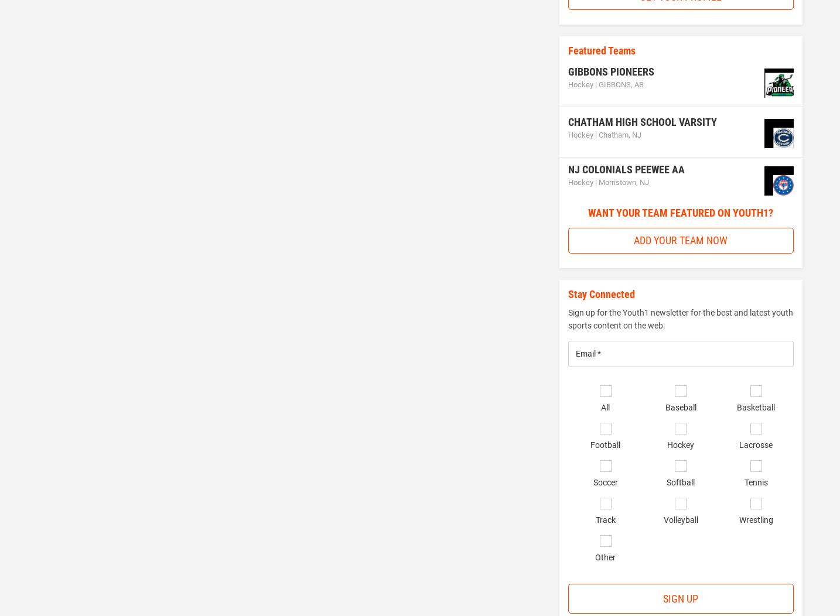 This screenshot has height=616, width=840. What do you see at coordinates (610, 71) in the screenshot?
I see `'Gibbons Pioneers'` at bounding box center [610, 71].